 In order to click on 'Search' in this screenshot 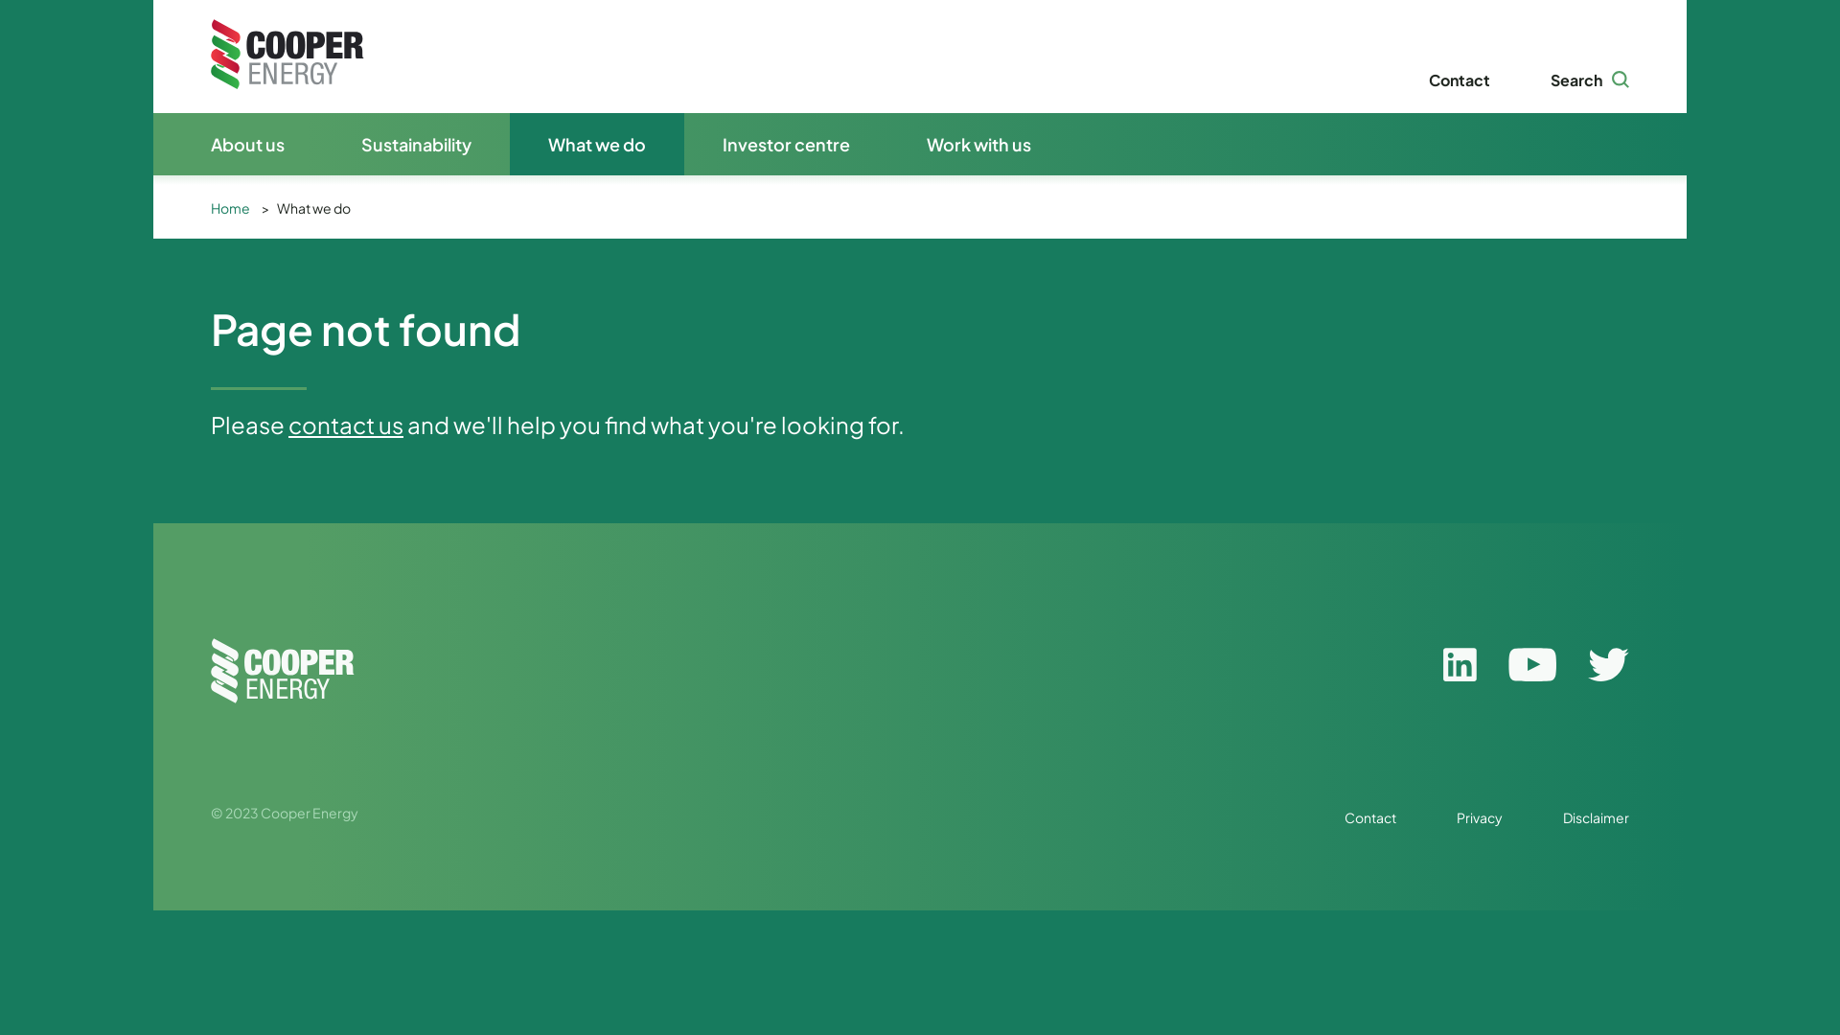, I will do `click(1590, 79)`.